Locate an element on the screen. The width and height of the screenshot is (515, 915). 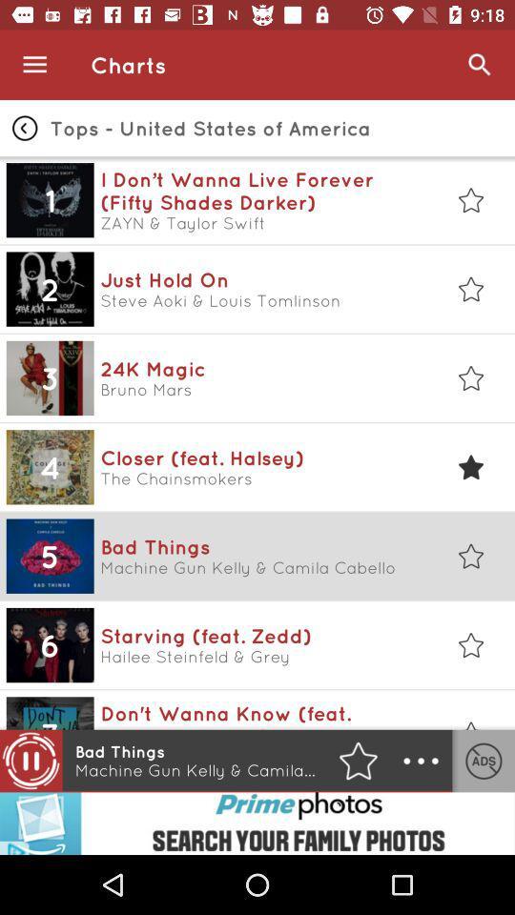
the arrow_backward icon is located at coordinates (24, 127).